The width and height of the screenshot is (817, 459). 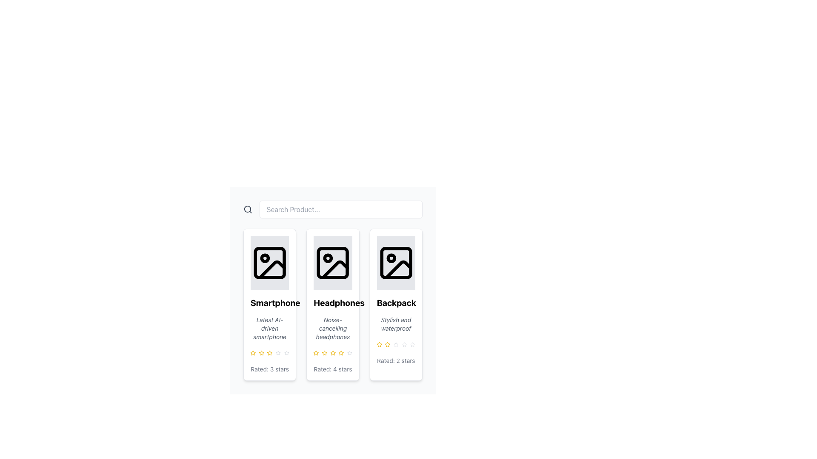 What do you see at coordinates (395, 324) in the screenshot?
I see `the text element styled in gray, italic font that describes the product feature 'Stylish and waterproof', located in the third product card under the title 'Backpack'` at bounding box center [395, 324].